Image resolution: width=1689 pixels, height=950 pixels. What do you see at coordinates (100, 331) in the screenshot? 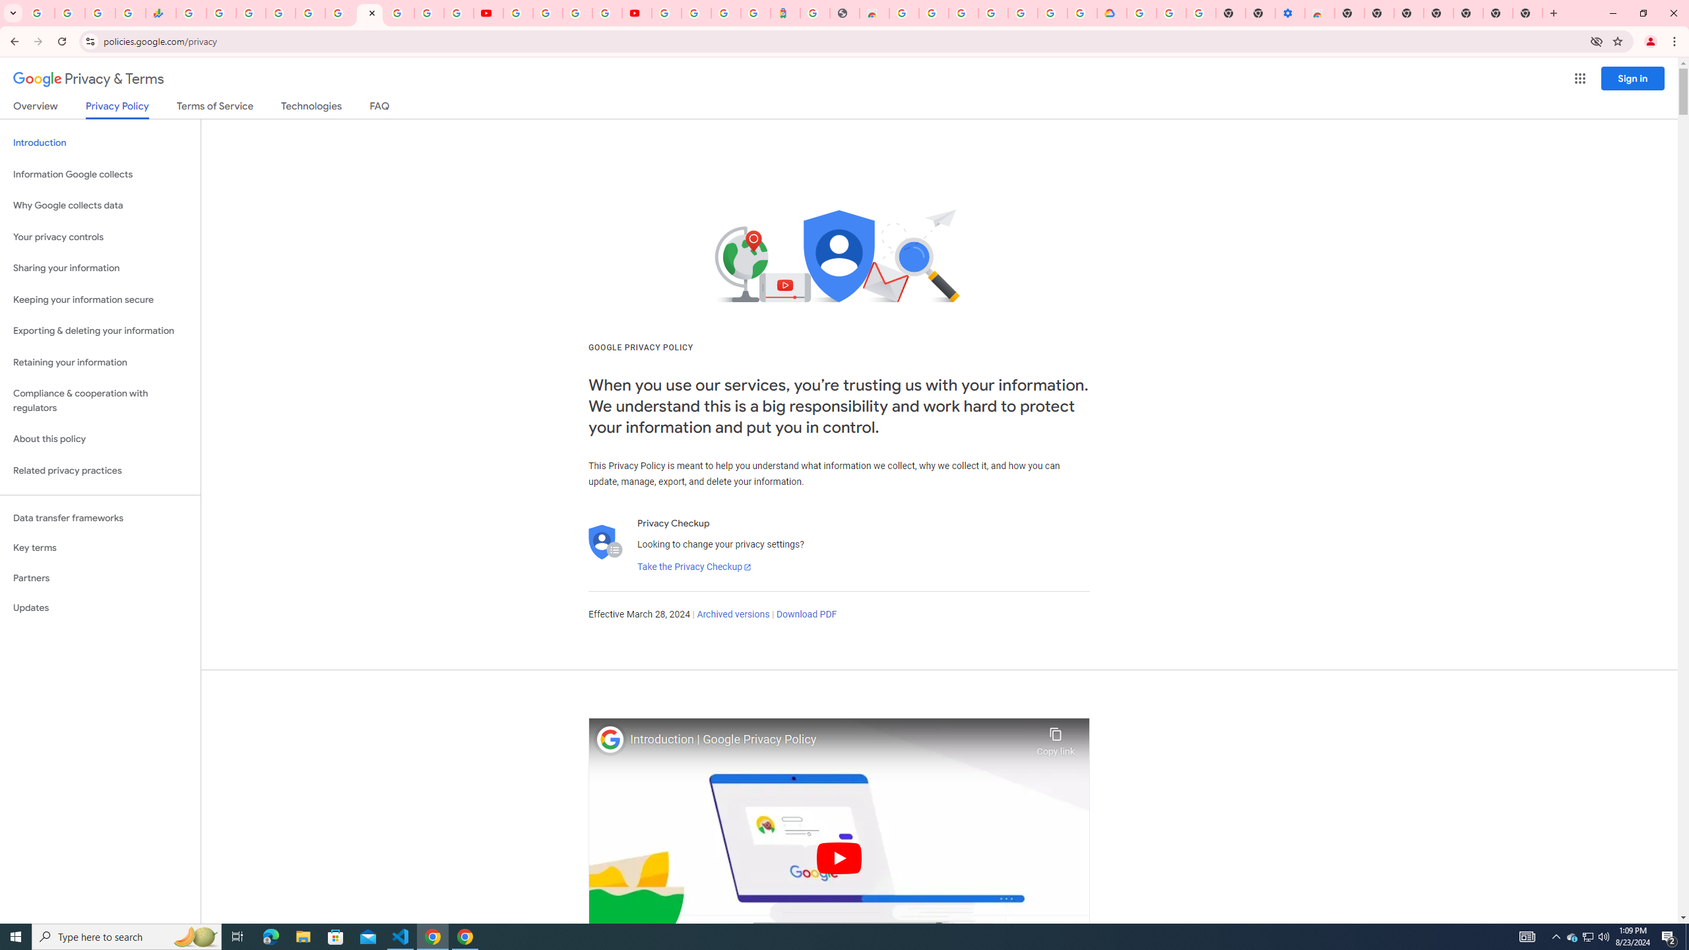
I see `'Exporting & deleting your information'` at bounding box center [100, 331].